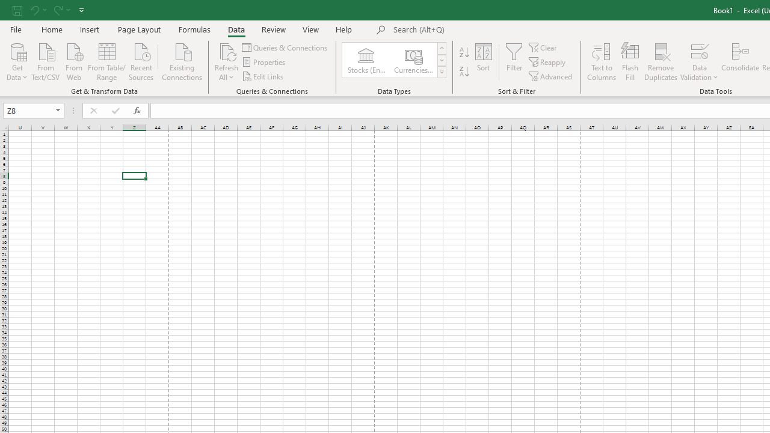 This screenshot has width=770, height=433. I want to click on 'Refresh All', so click(226, 51).